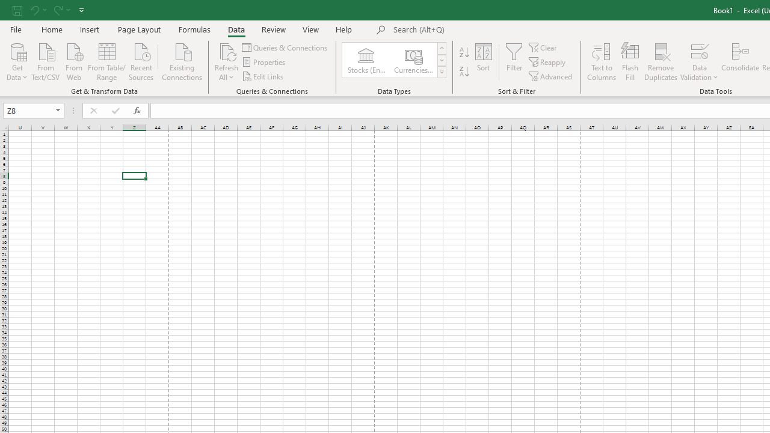 This screenshot has width=770, height=433. I want to click on 'Refresh All', so click(226, 51).